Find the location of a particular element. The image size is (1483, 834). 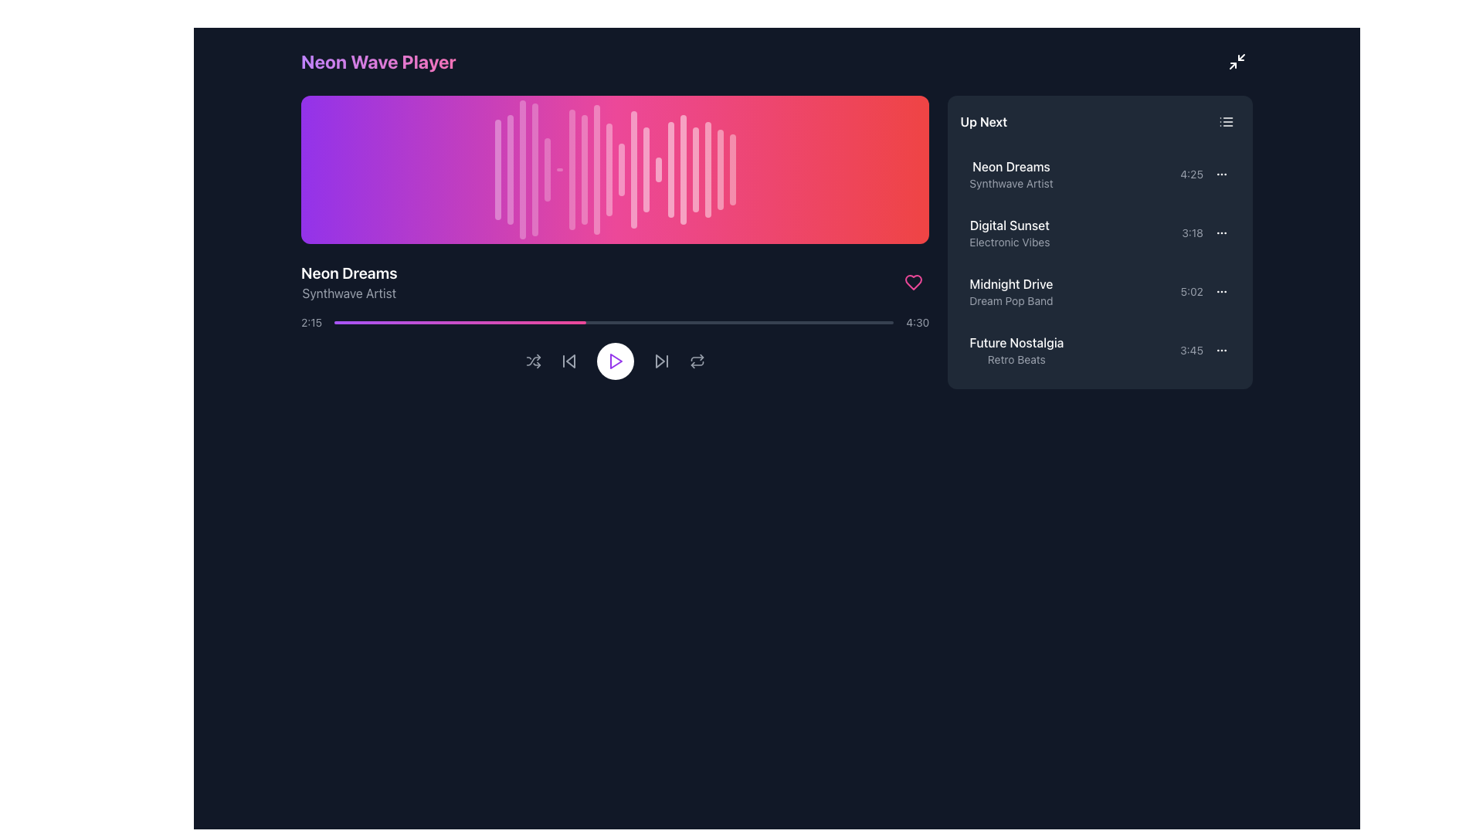

the 15th waveform bar in the audio visualization component, situated towards the right side of the interface is located at coordinates (670, 169).